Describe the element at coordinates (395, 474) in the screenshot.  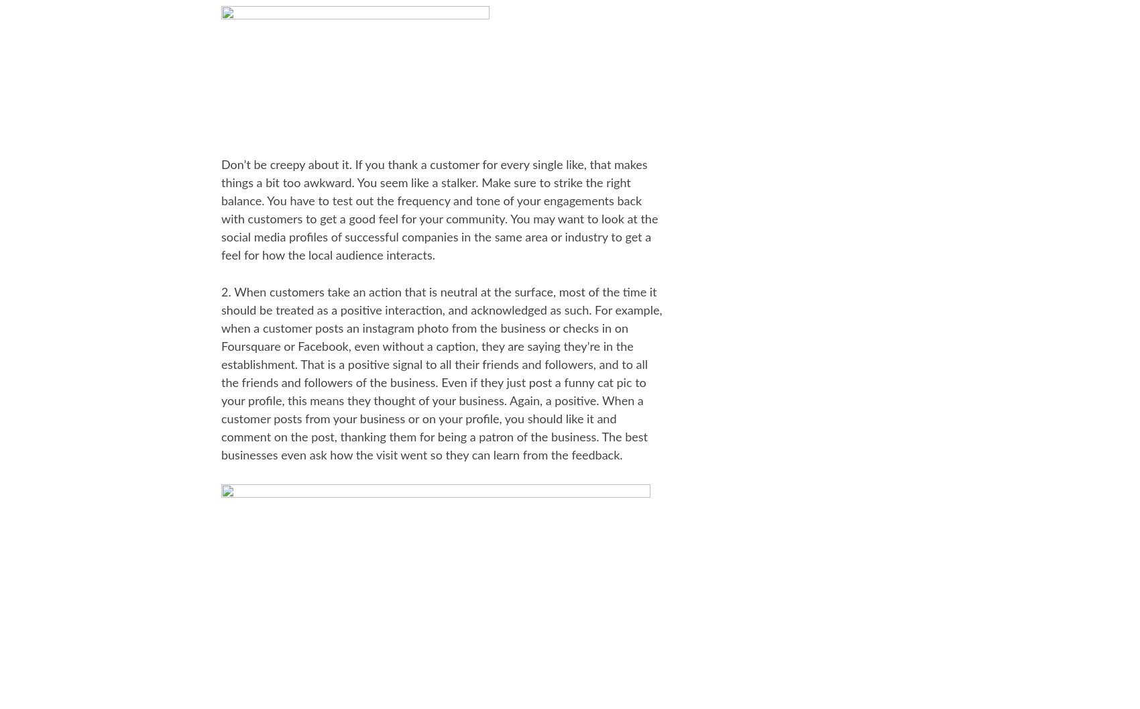
I see `'Latest'` at that location.